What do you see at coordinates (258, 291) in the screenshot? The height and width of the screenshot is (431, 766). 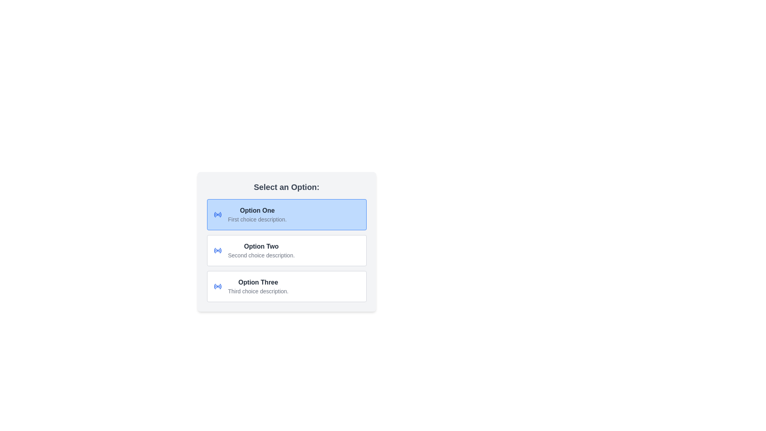 I see `the Text Label providing additional information about 'Option Three', located beneath the 'Option Three' text` at bounding box center [258, 291].